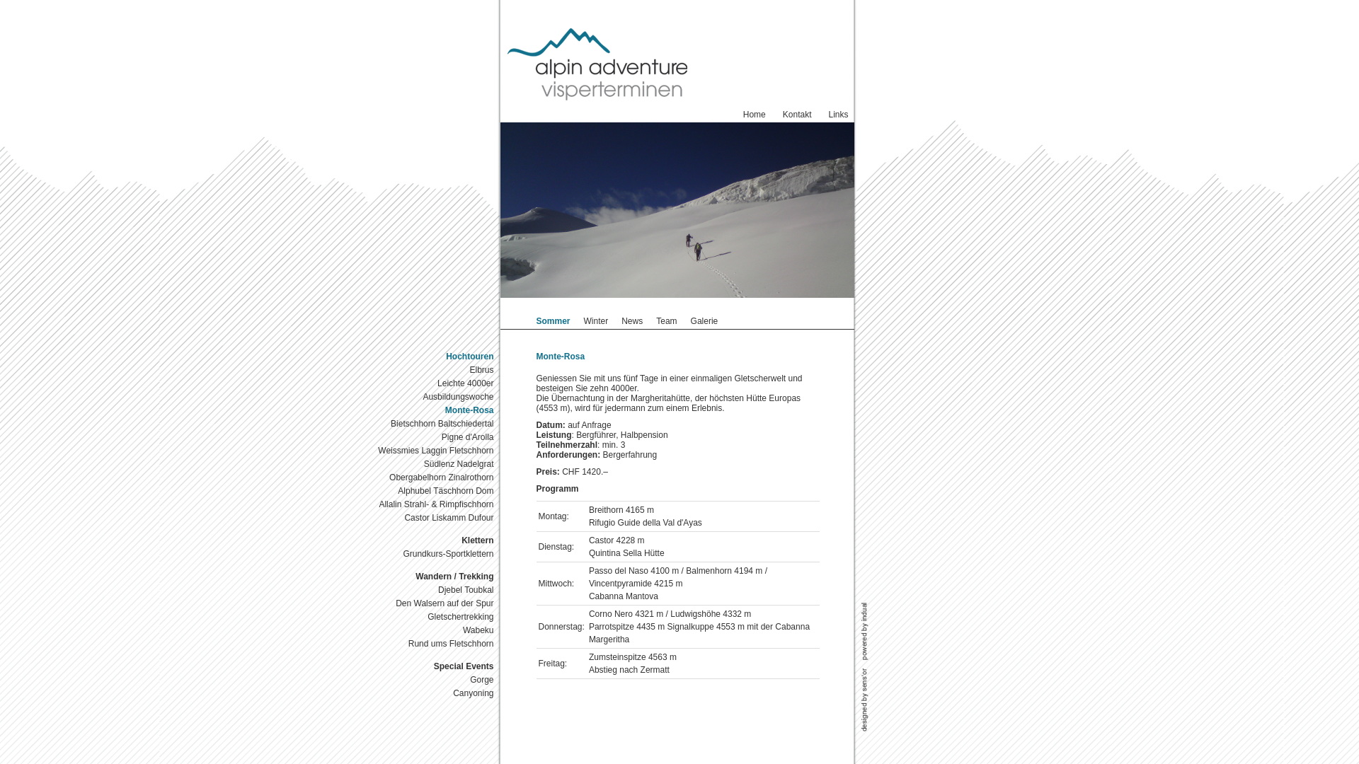 This screenshot has height=764, width=1359. What do you see at coordinates (431, 679) in the screenshot?
I see `'Gorge'` at bounding box center [431, 679].